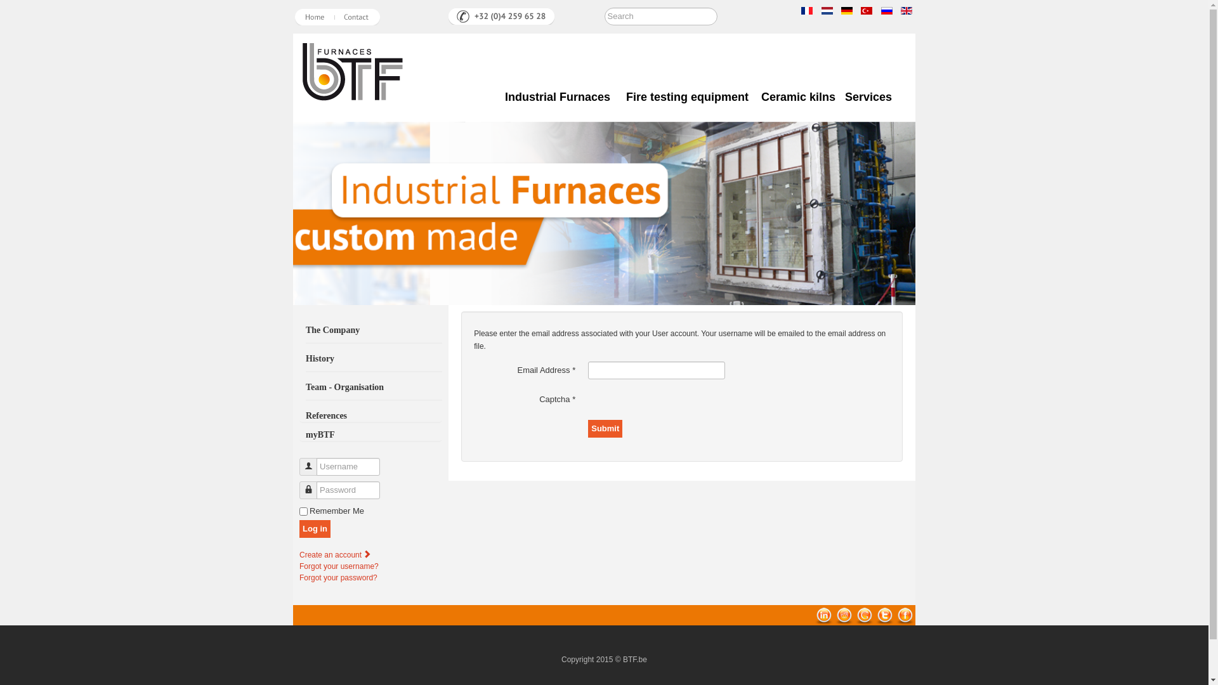 The image size is (1218, 685). Describe the element at coordinates (338, 577) in the screenshot. I see `'Forgot your password?'` at that location.